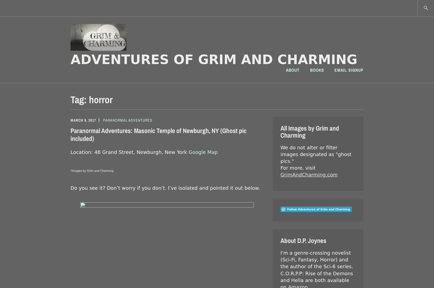  What do you see at coordinates (317, 70) in the screenshot?
I see `'Books'` at bounding box center [317, 70].